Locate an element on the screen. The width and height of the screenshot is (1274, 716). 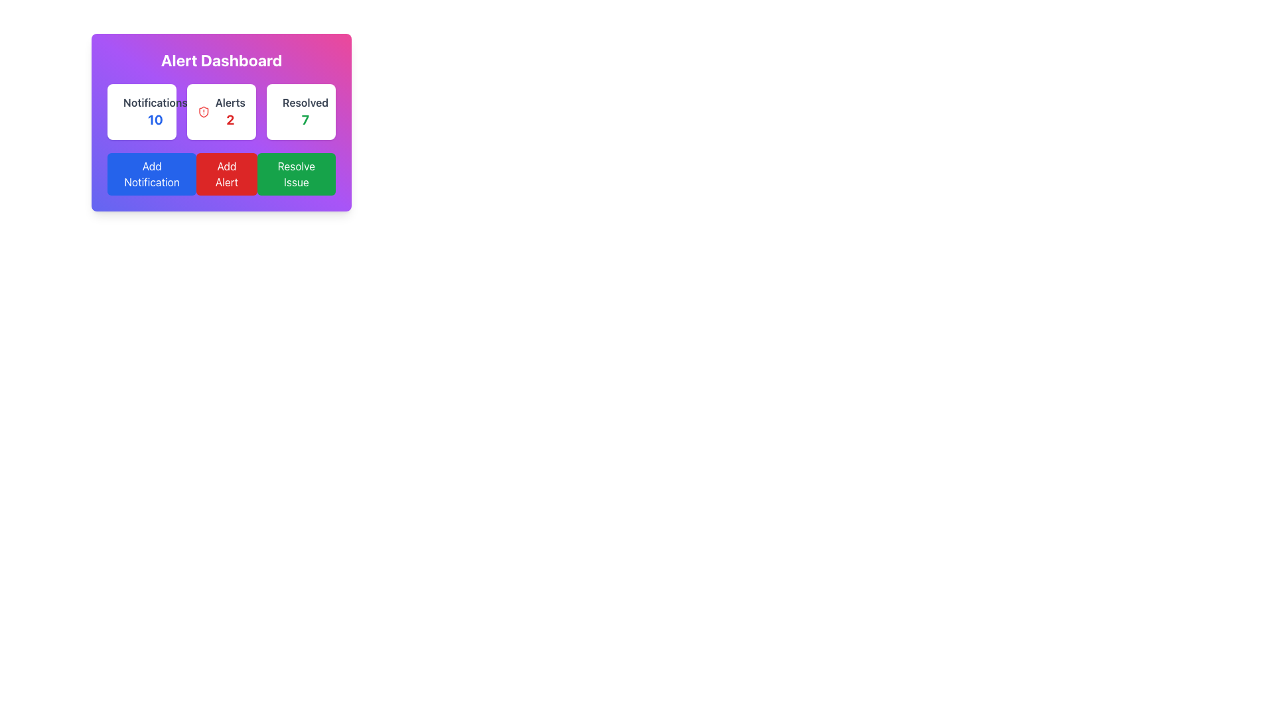
the informational display that shows the number of active alerts, centrally located in the second panel of the Alert Dashboard, between 'Notifications' and 'Resolved' is located at coordinates (230, 111).